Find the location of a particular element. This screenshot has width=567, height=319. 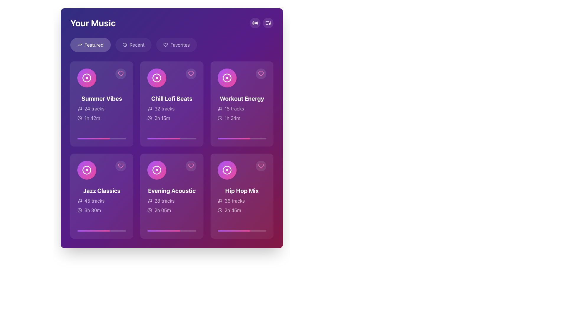

displayed duration of the playlist named 'Evening Acoustic', which is located in the bottom-center of the second row of the card grid, below the track count and above the progress bar is located at coordinates (163, 210).